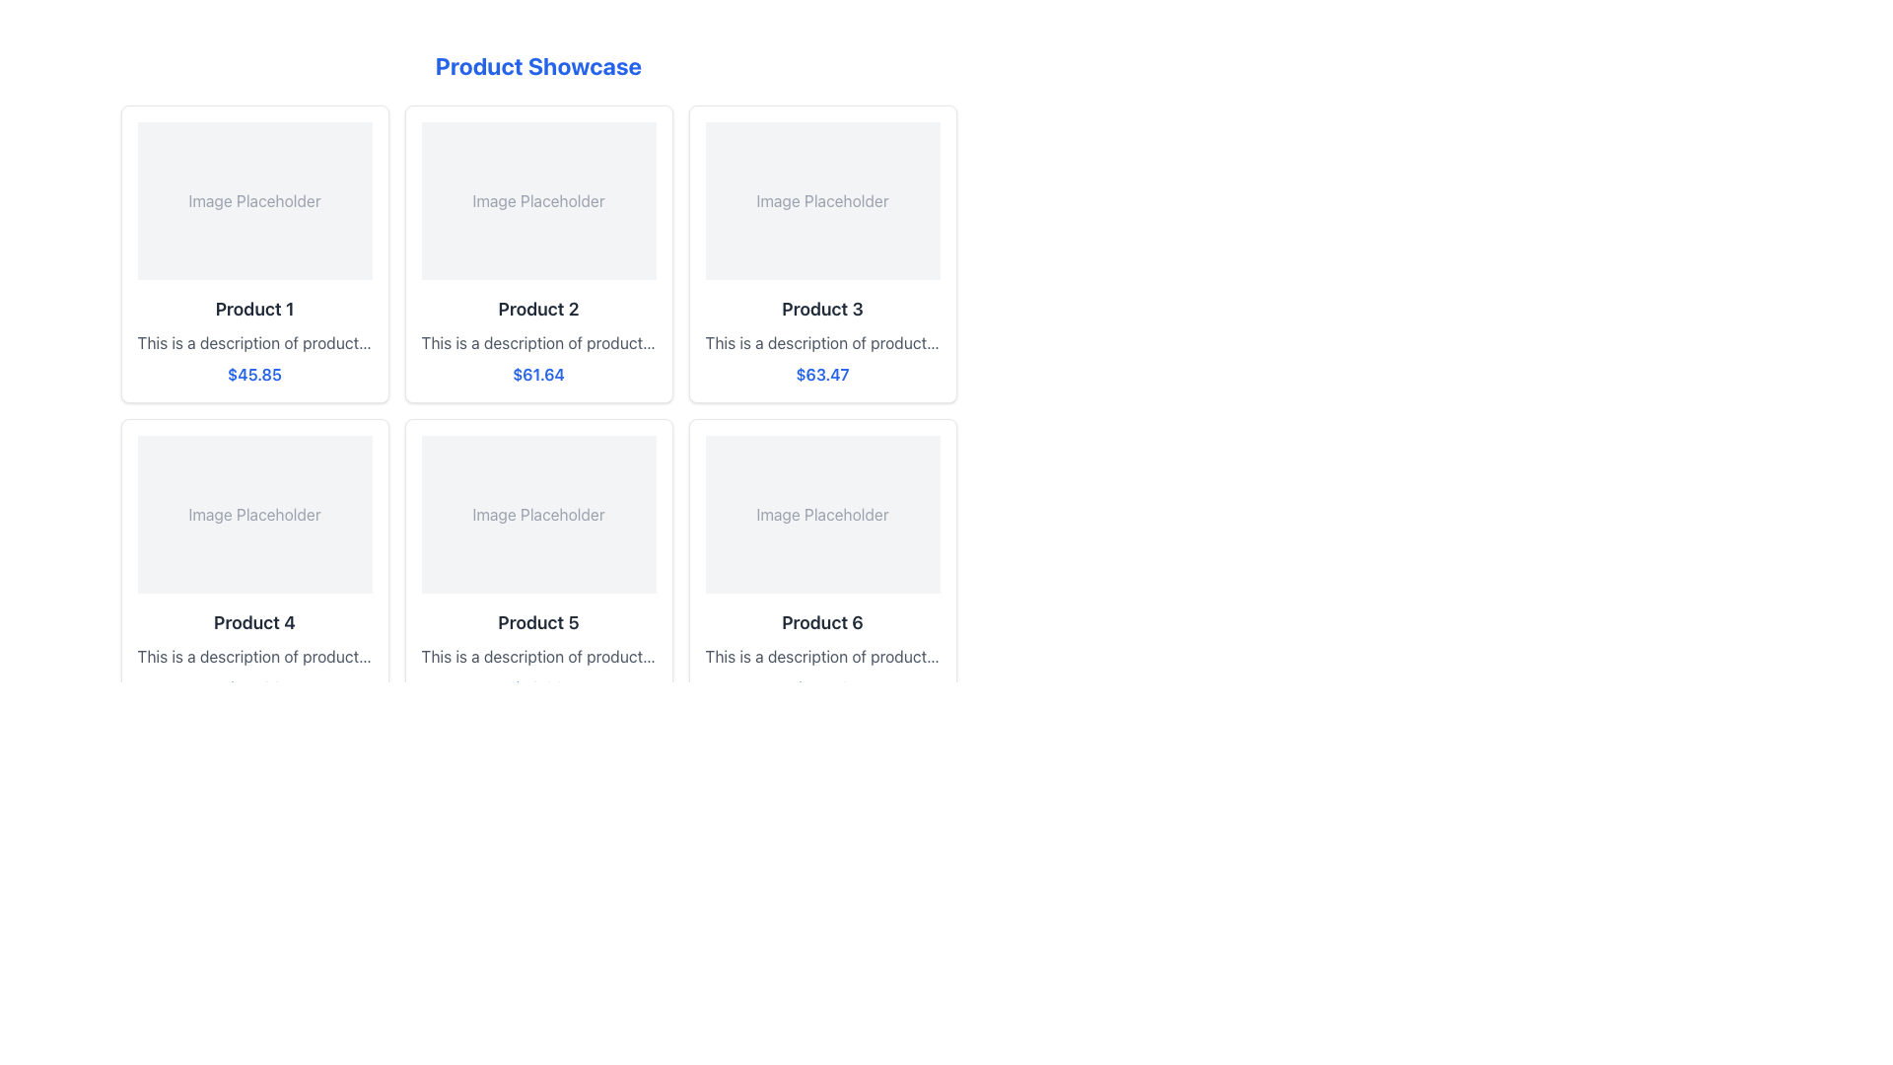 This screenshot has width=1893, height=1065. What do you see at coordinates (253, 623) in the screenshot?
I see `the product name text label located in the second row, first column of the product grid for selection` at bounding box center [253, 623].